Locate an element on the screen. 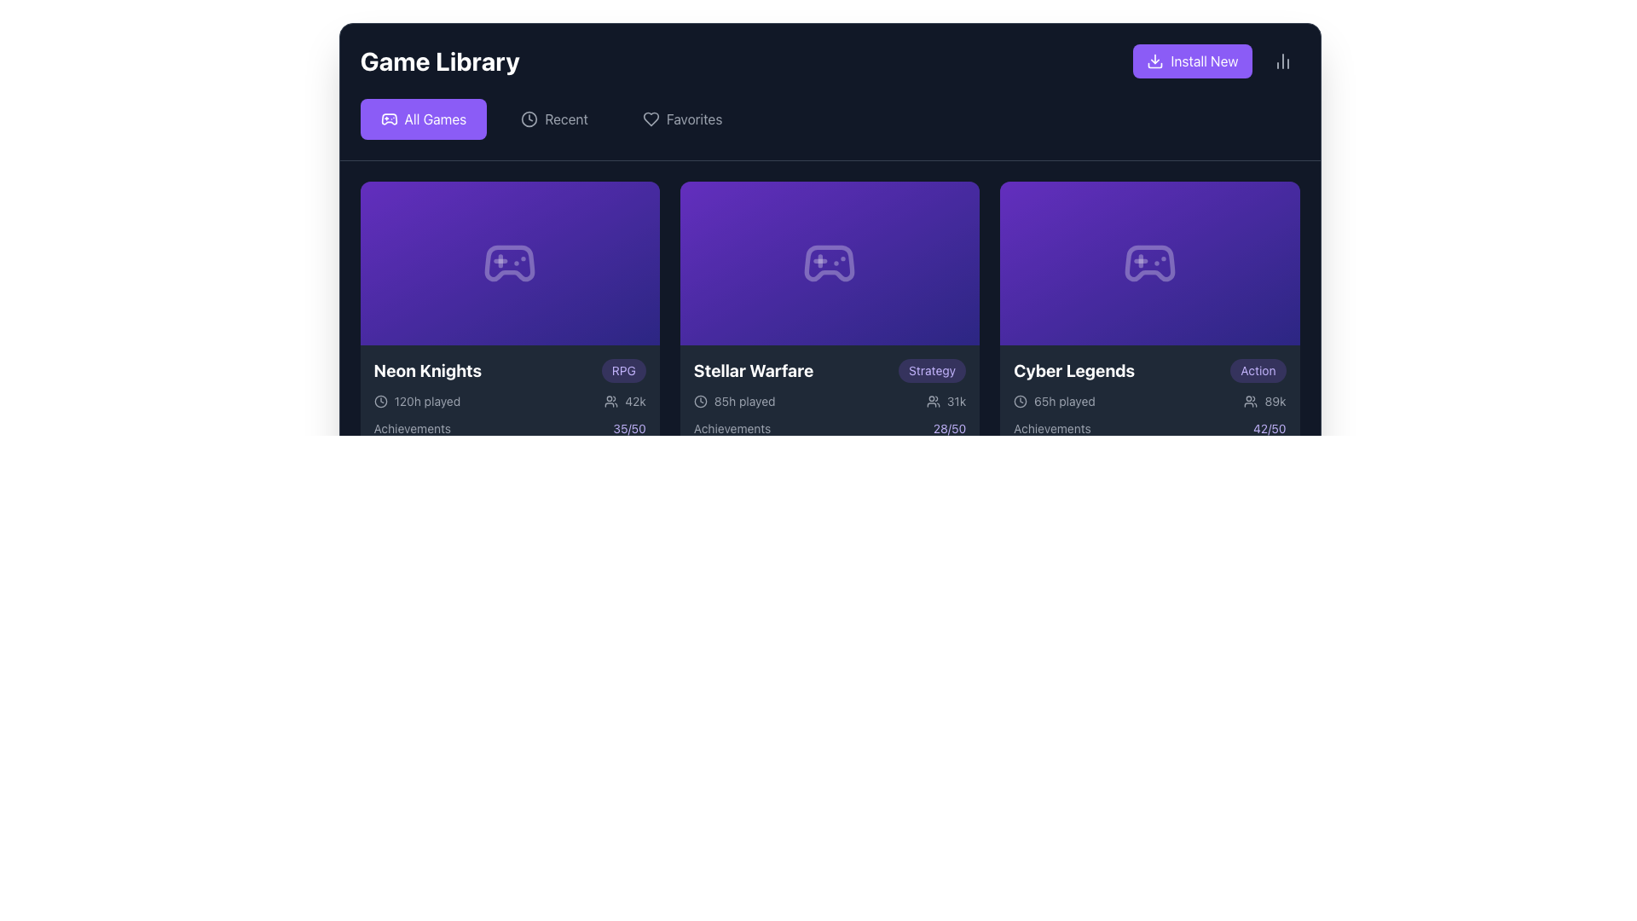  the violet rectangular button labeled 'Install New' with a download icon, located in the top-right section of the interface is located at coordinates (1215, 61).